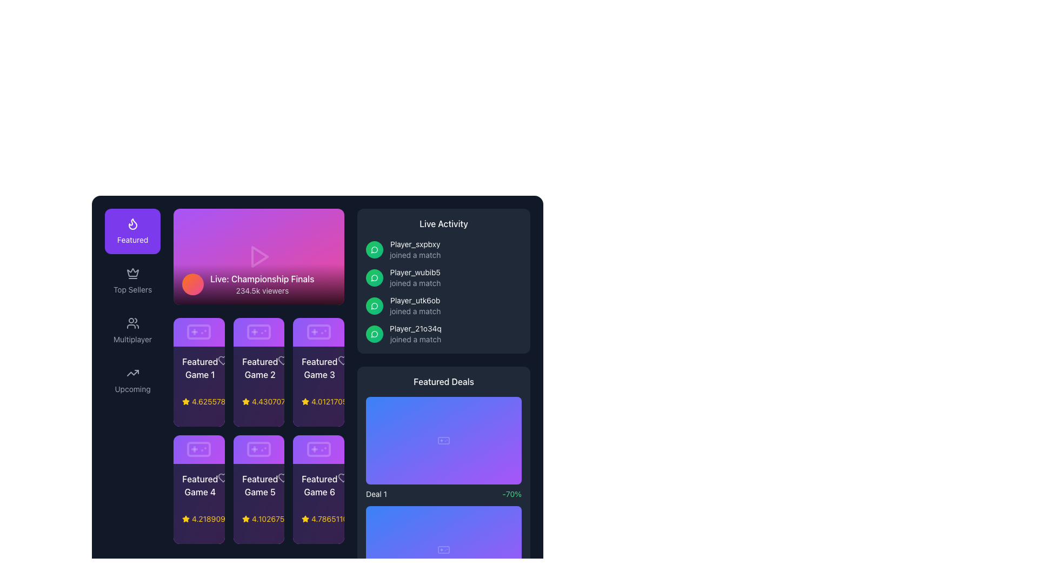 The width and height of the screenshot is (1038, 584). I want to click on the numerical rating text located in the second row of featured games, positioned between 'Featured Game 2' and 'Featured Game 3', which visually represents the rating score, so click(288, 401).